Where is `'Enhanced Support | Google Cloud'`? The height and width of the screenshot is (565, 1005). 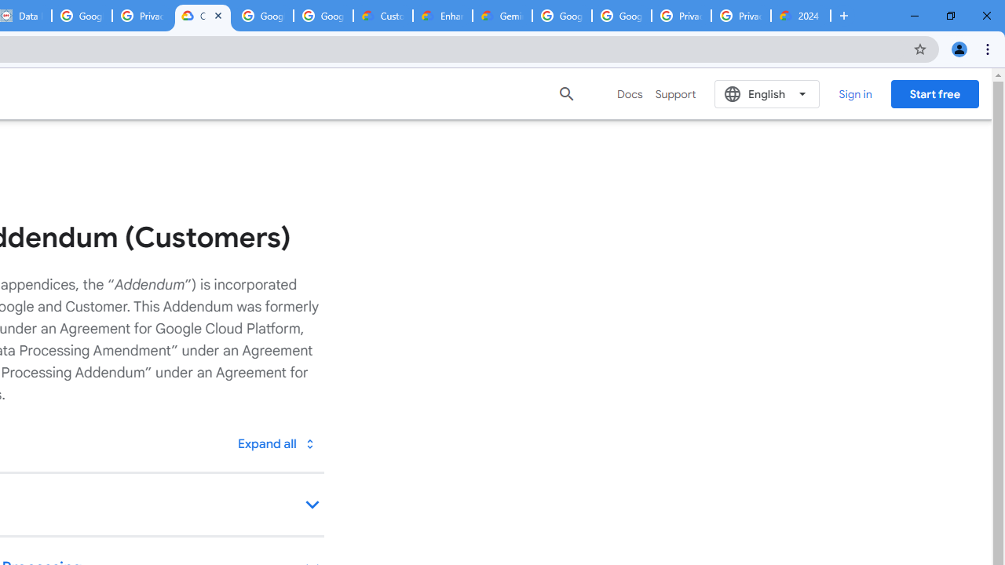 'Enhanced Support | Google Cloud' is located at coordinates (441, 16).